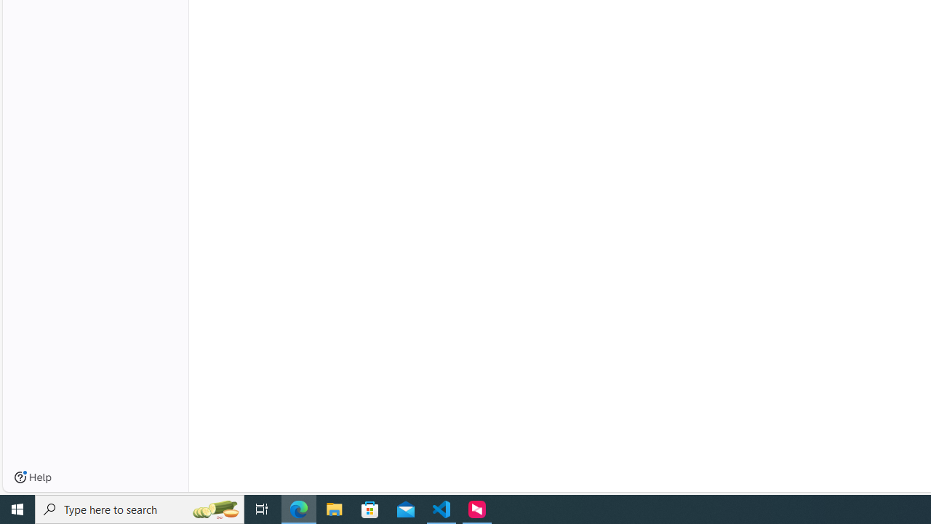 The image size is (931, 524). I want to click on 'Visual Studio Code - 1 running window', so click(441, 508).